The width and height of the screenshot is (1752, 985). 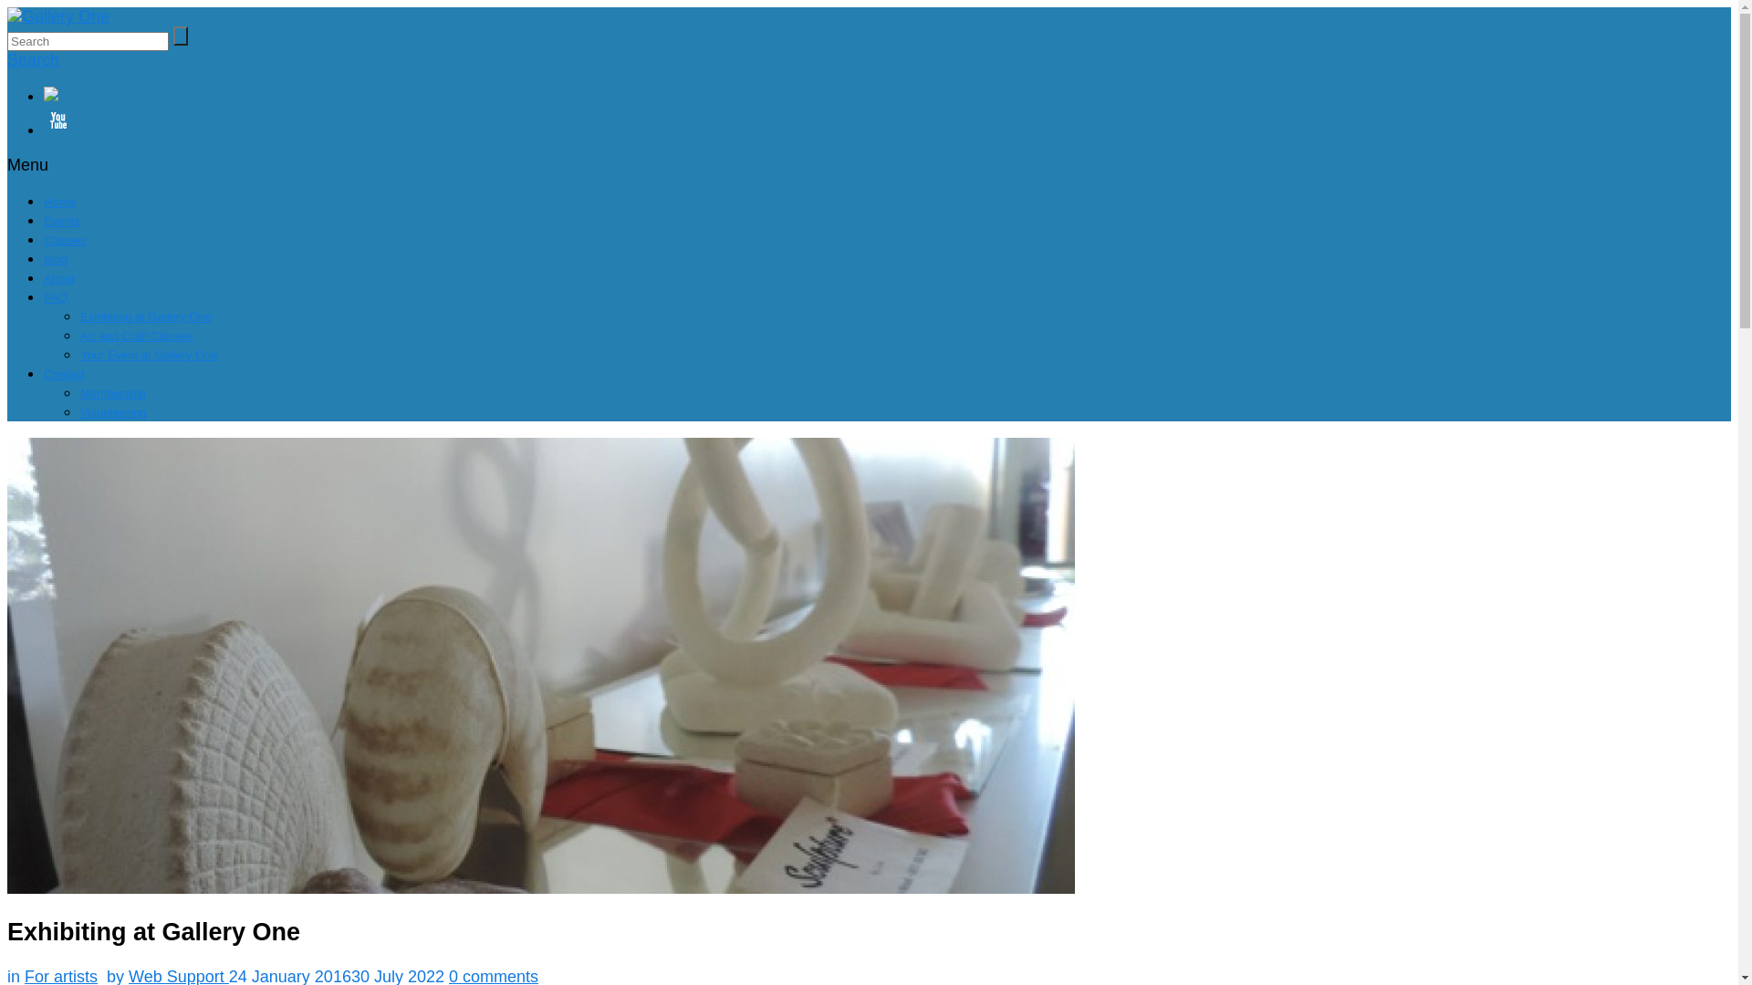 What do you see at coordinates (56, 296) in the screenshot?
I see `'FAQ'` at bounding box center [56, 296].